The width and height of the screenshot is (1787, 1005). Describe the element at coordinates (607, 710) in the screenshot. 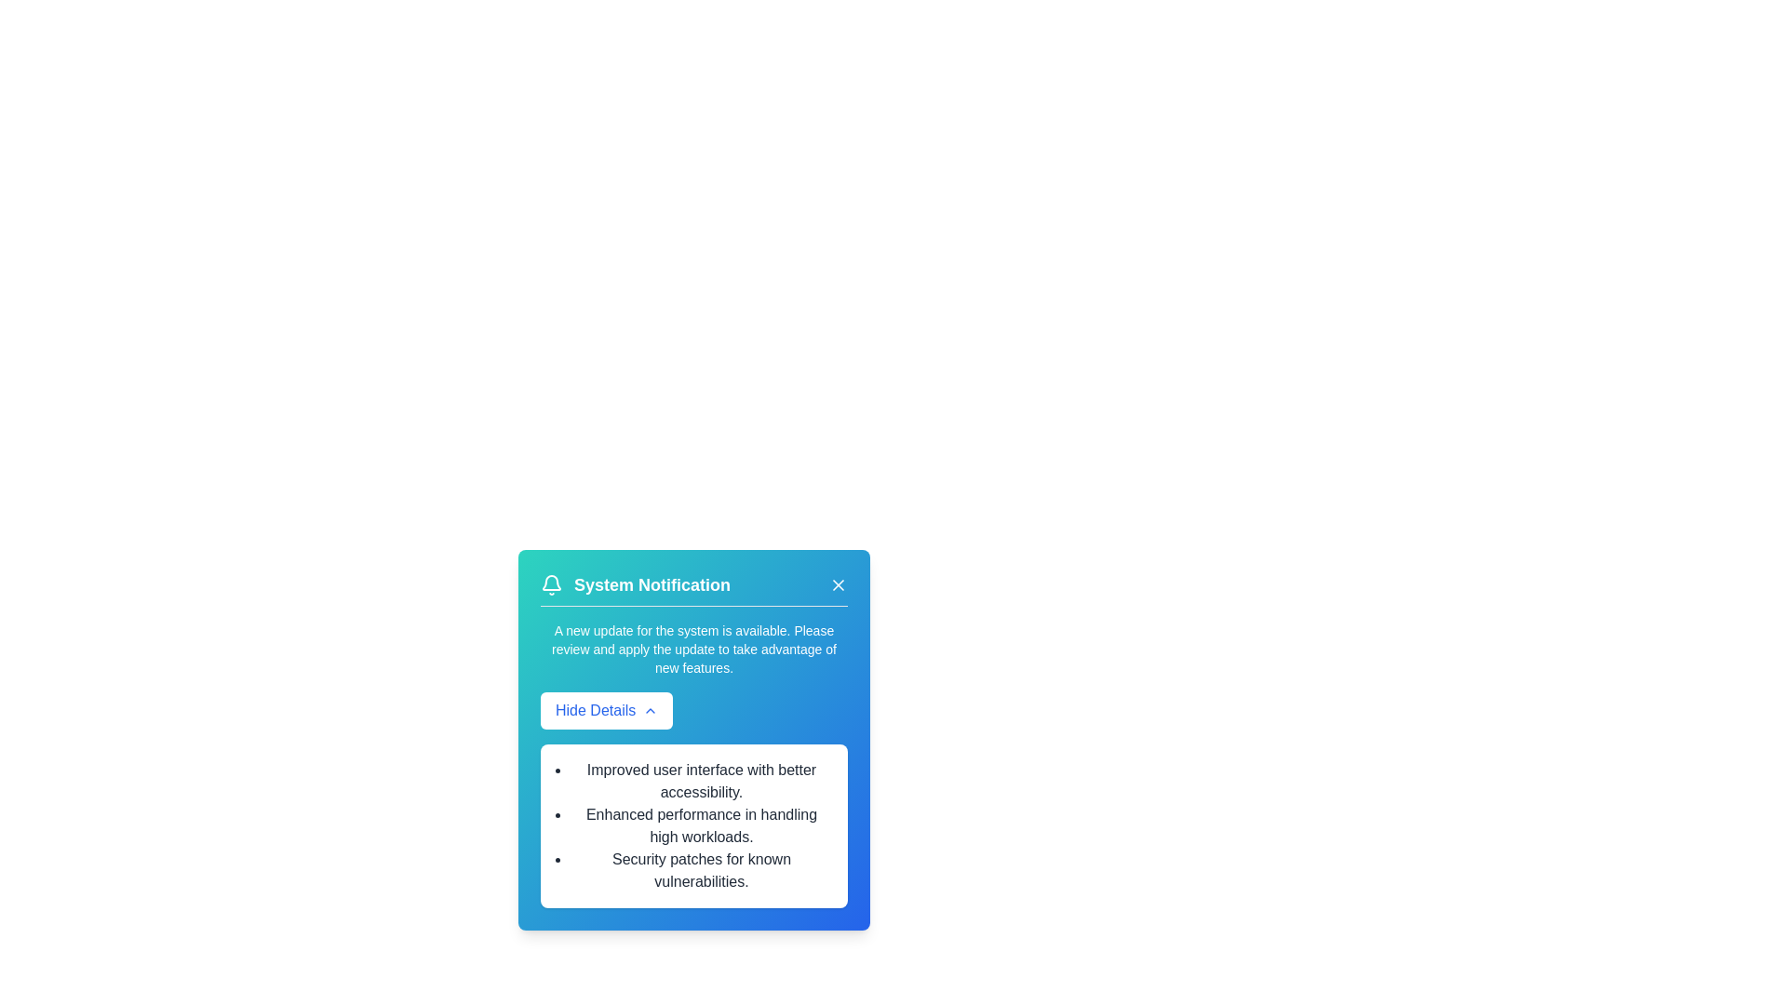

I see `the 'Hide Details' button to toggle the visibility of the details section` at that location.